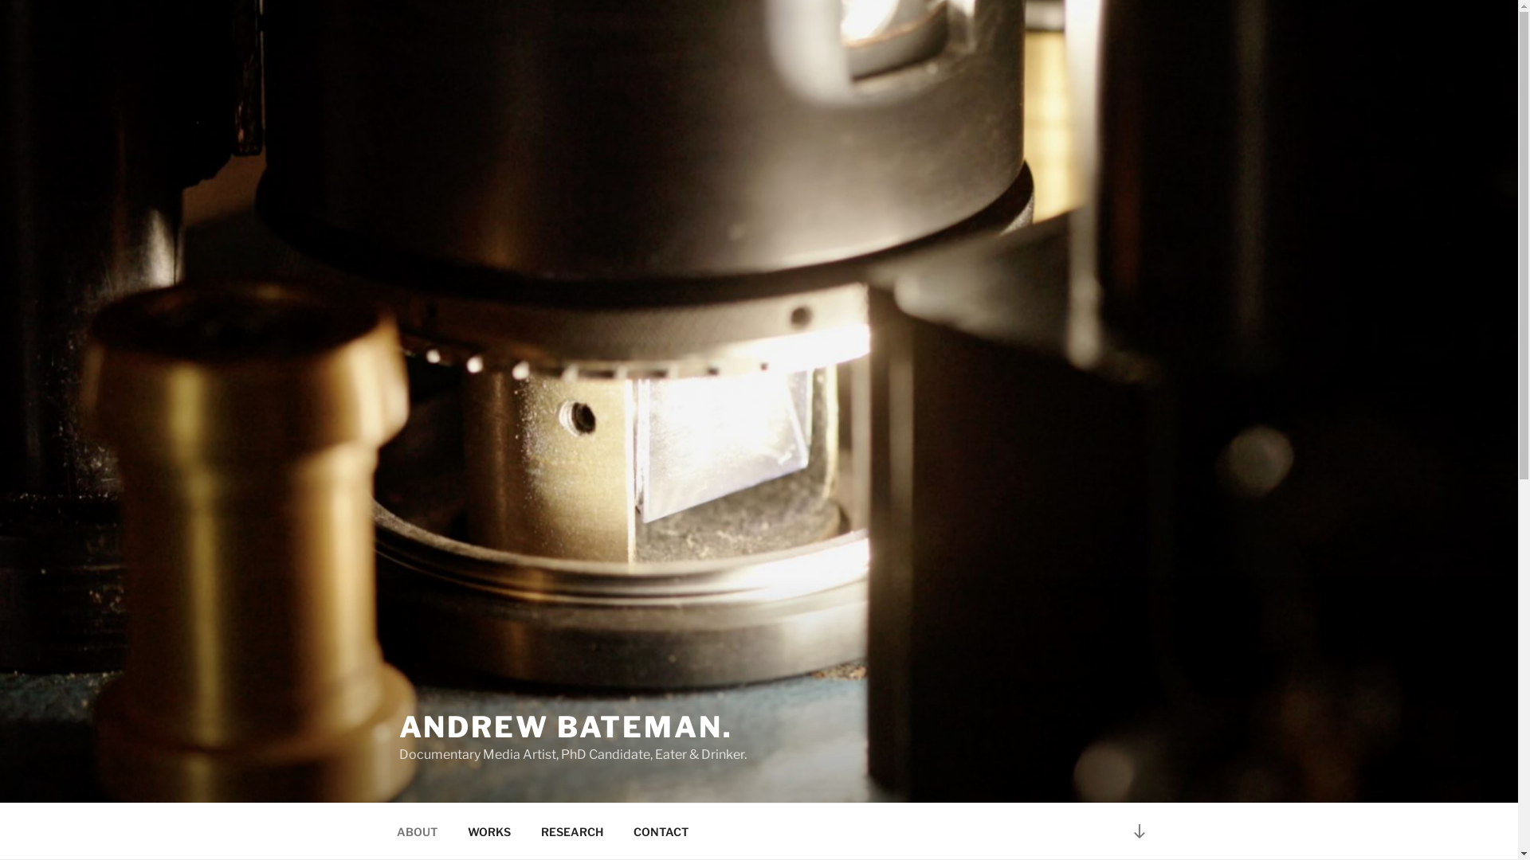 This screenshot has height=860, width=1530. I want to click on 'RESEARCH', so click(572, 831).